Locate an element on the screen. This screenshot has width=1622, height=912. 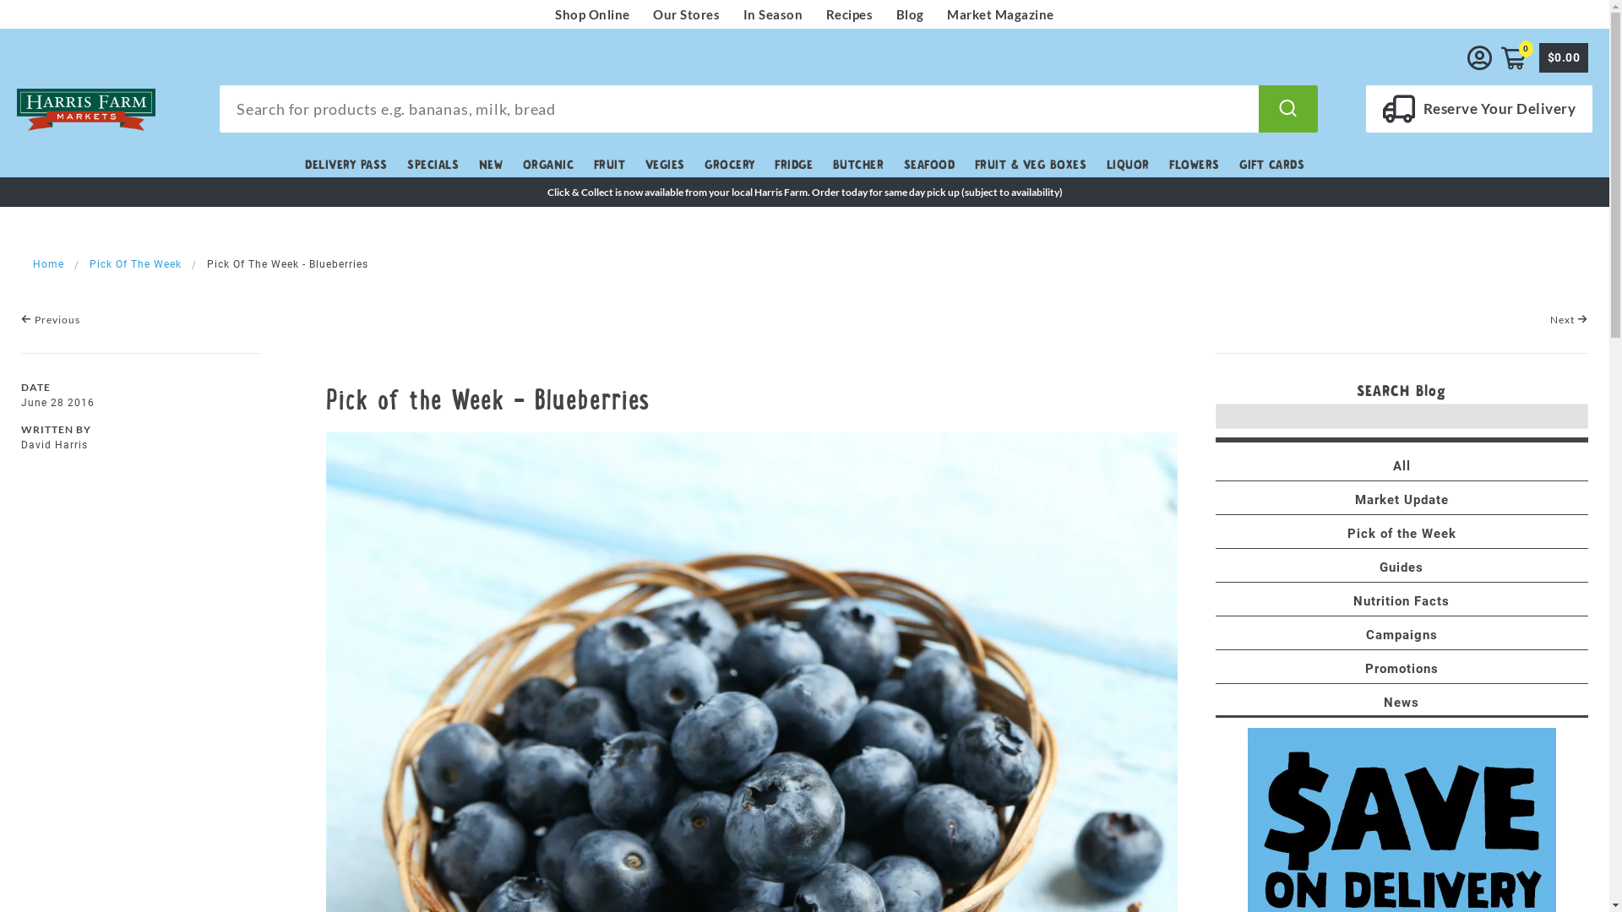
'DELIVERY PASS' is located at coordinates (296, 165).